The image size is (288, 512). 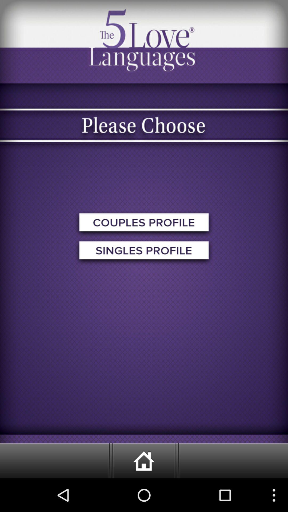 What do you see at coordinates (144, 252) in the screenshot?
I see `open page` at bounding box center [144, 252].